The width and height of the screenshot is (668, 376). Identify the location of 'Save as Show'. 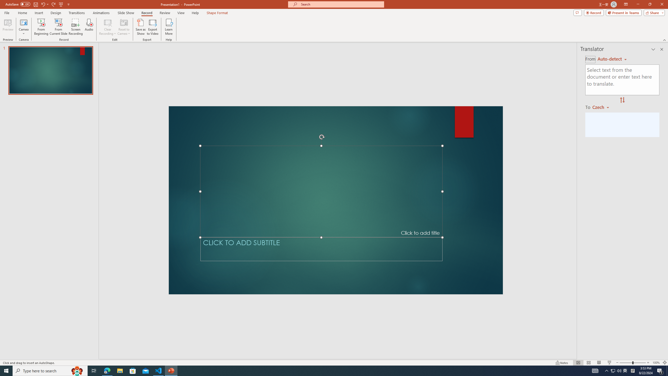
(140, 27).